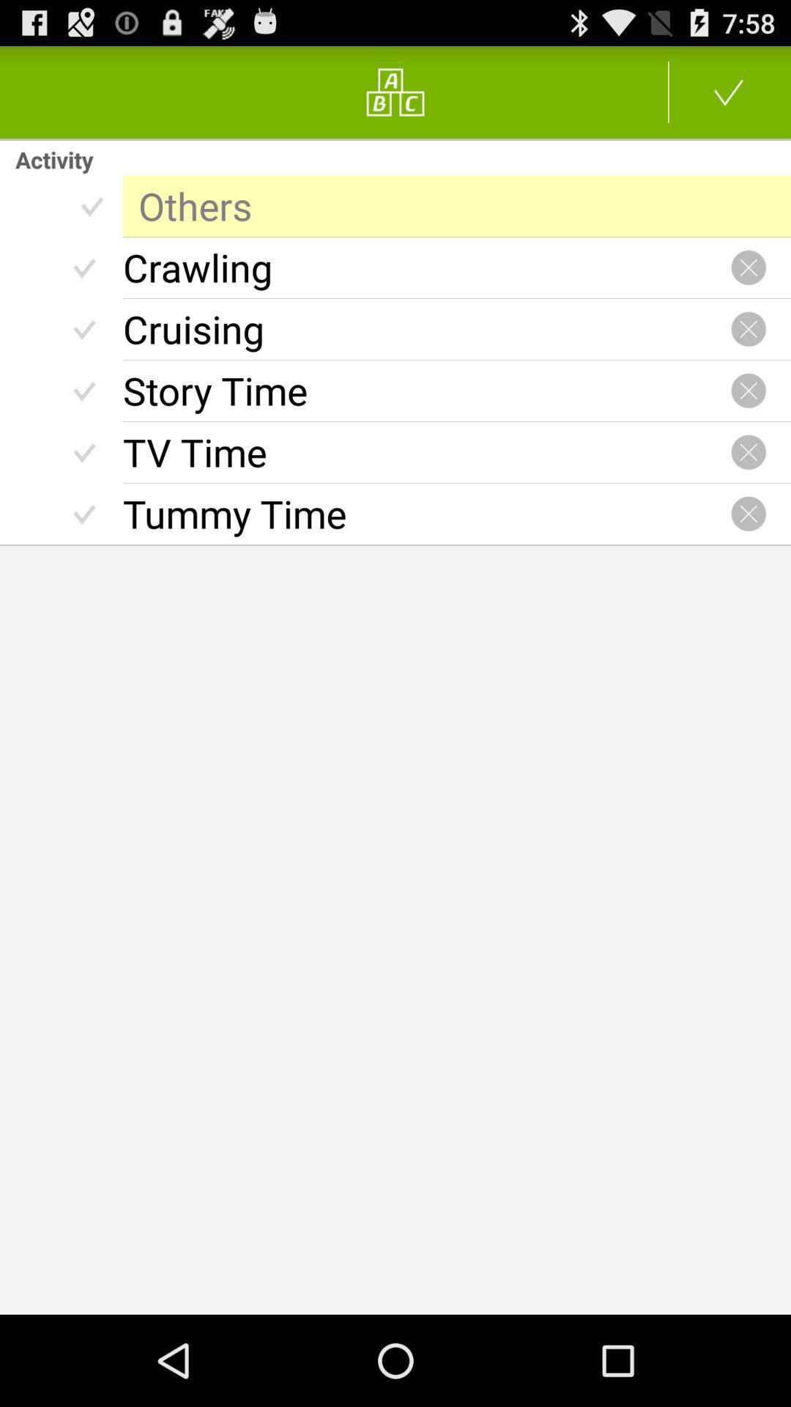 The height and width of the screenshot is (1407, 791). Describe the element at coordinates (426, 267) in the screenshot. I see `crawling item` at that location.